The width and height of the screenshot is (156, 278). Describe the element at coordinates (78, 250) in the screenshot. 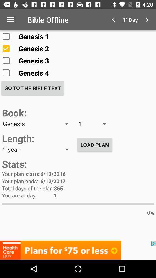

I see `click discription` at that location.